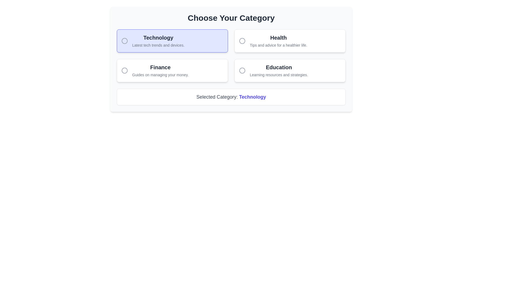  What do you see at coordinates (160, 67) in the screenshot?
I see `the static text heading that serves as the title for the 'Finance' category in the selection menu, located in the second category box from the left` at bounding box center [160, 67].